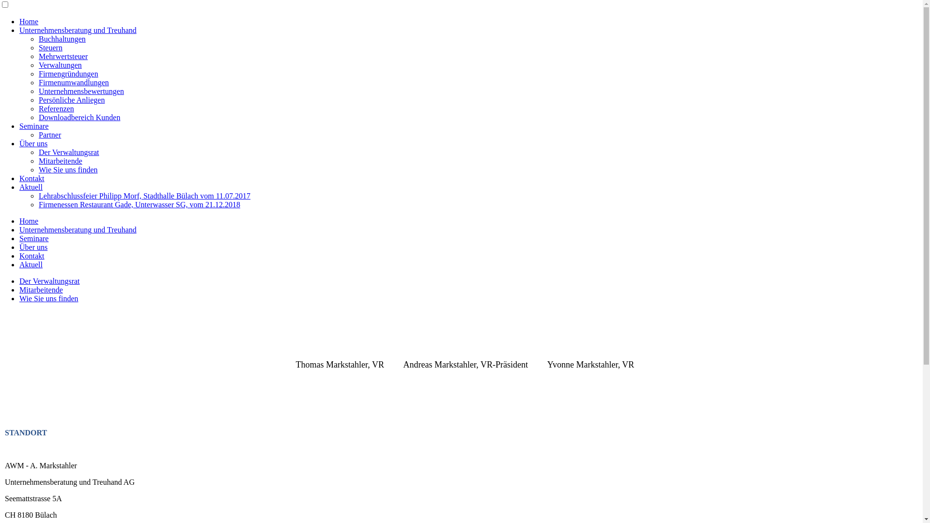 The image size is (930, 523). What do you see at coordinates (39, 160) in the screenshot?
I see `'Mitarbeitende'` at bounding box center [39, 160].